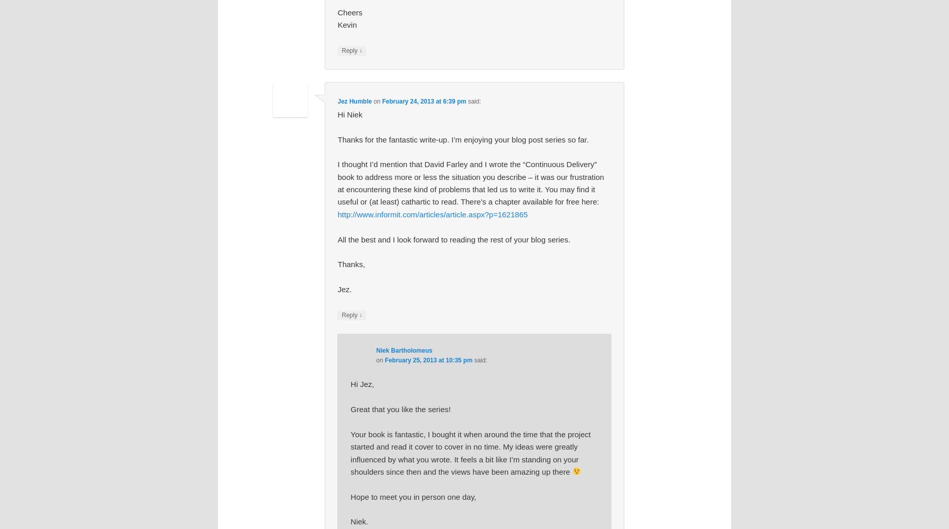 The image size is (949, 529). What do you see at coordinates (338, 12) in the screenshot?
I see `'Cheers'` at bounding box center [338, 12].